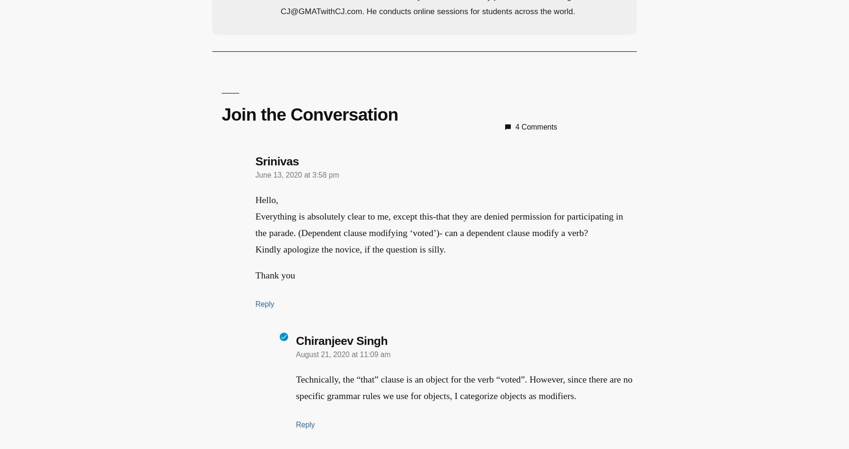 This screenshot has height=449, width=849. What do you see at coordinates (350, 249) in the screenshot?
I see `'Kindly apologize the novice, if the question is silly.'` at bounding box center [350, 249].